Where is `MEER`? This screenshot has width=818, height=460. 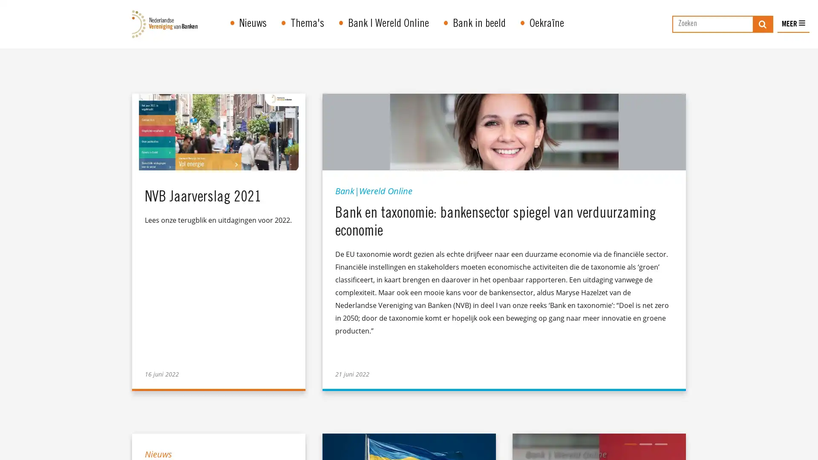
MEER is located at coordinates (793, 33).